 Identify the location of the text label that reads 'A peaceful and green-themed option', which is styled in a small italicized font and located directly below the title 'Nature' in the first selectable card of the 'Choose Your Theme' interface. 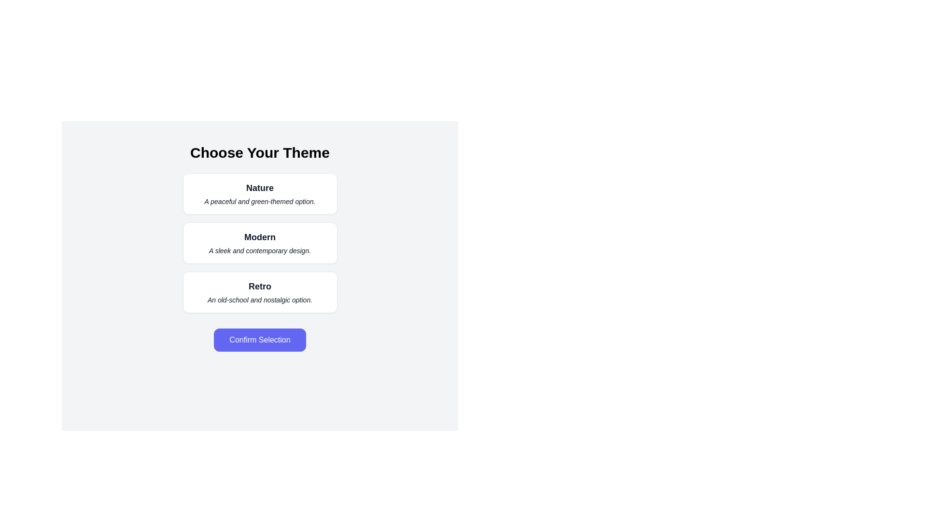
(260, 201).